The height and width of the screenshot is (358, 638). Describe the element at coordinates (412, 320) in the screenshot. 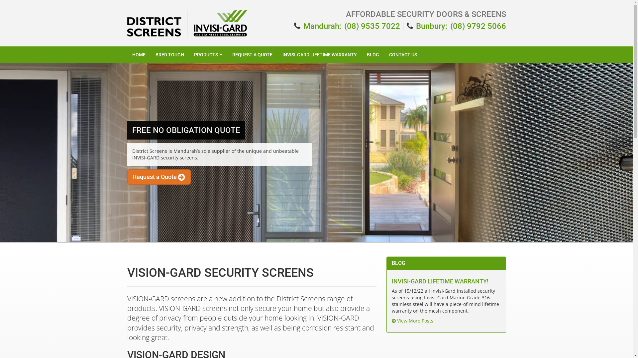

I see `'View More Posts'` at that location.